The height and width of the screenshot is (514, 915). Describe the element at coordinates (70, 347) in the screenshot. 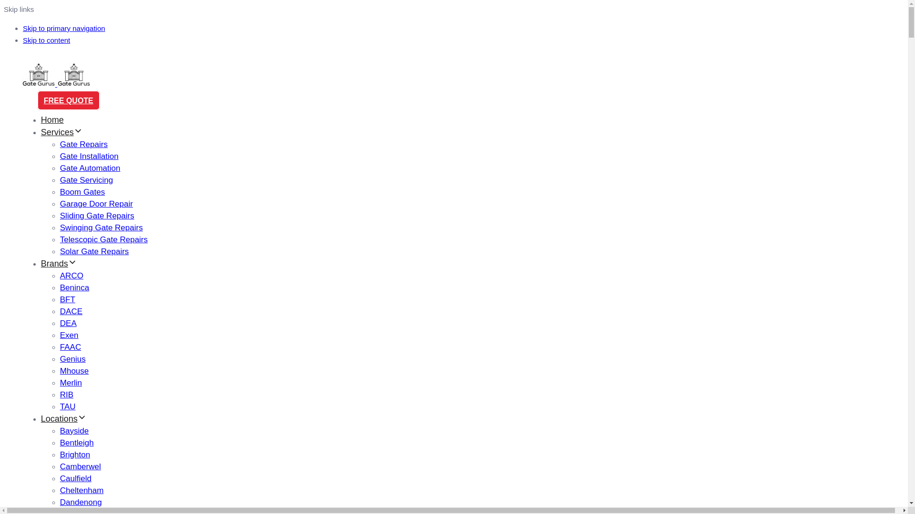

I see `'FAAC'` at that location.